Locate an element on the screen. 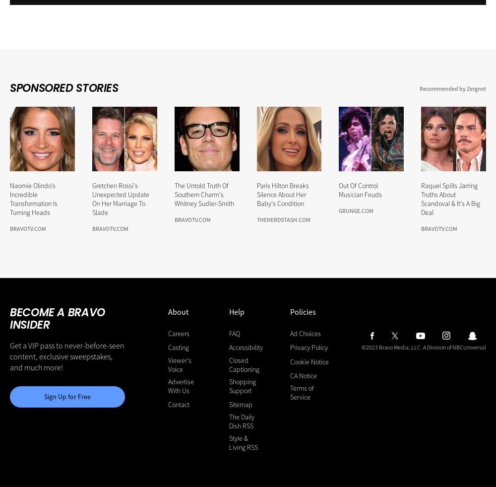 The image size is (496, 487). 'About' is located at coordinates (177, 312).